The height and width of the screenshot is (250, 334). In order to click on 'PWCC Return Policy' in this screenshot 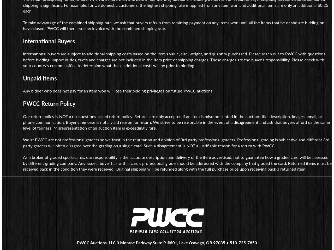, I will do `click(23, 103)`.